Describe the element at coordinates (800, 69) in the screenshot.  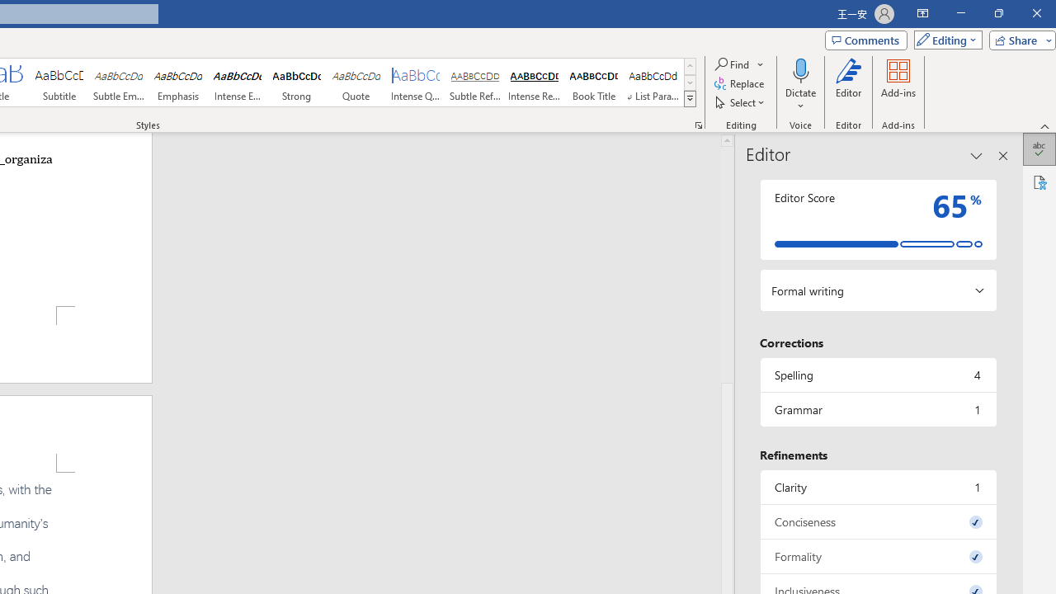
I see `'Dictate'` at that location.